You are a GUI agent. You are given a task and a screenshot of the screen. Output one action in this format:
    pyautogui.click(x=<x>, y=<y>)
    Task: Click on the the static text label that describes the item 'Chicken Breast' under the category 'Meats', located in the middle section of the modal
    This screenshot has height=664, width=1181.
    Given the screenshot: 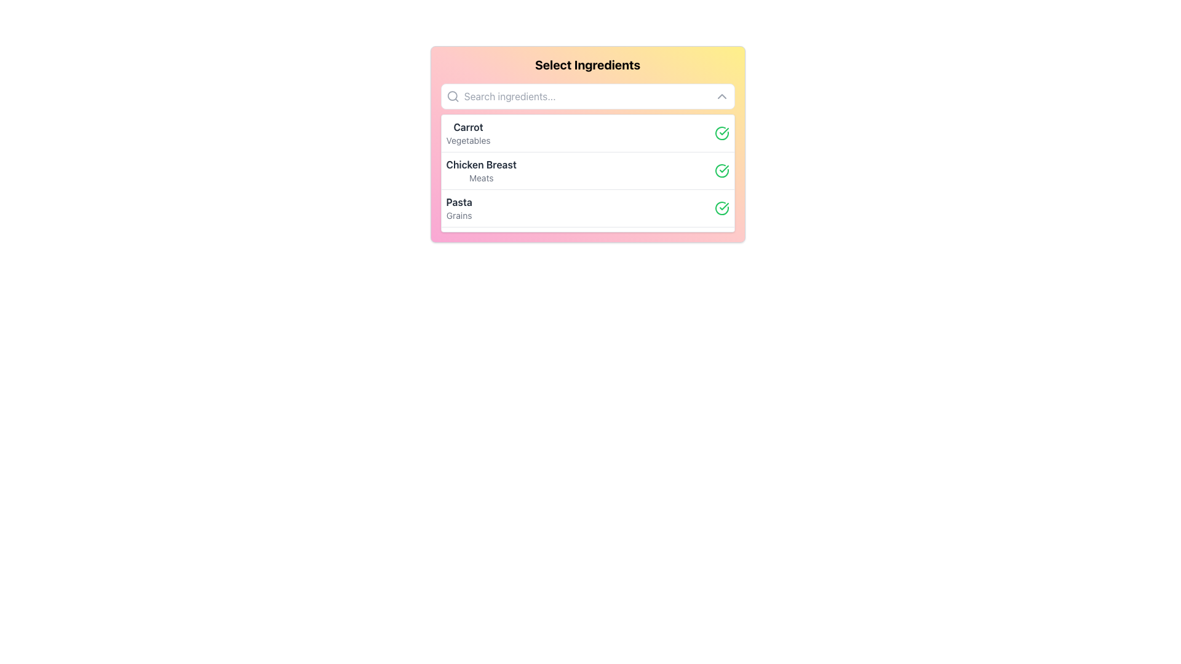 What is the action you would take?
    pyautogui.click(x=480, y=178)
    